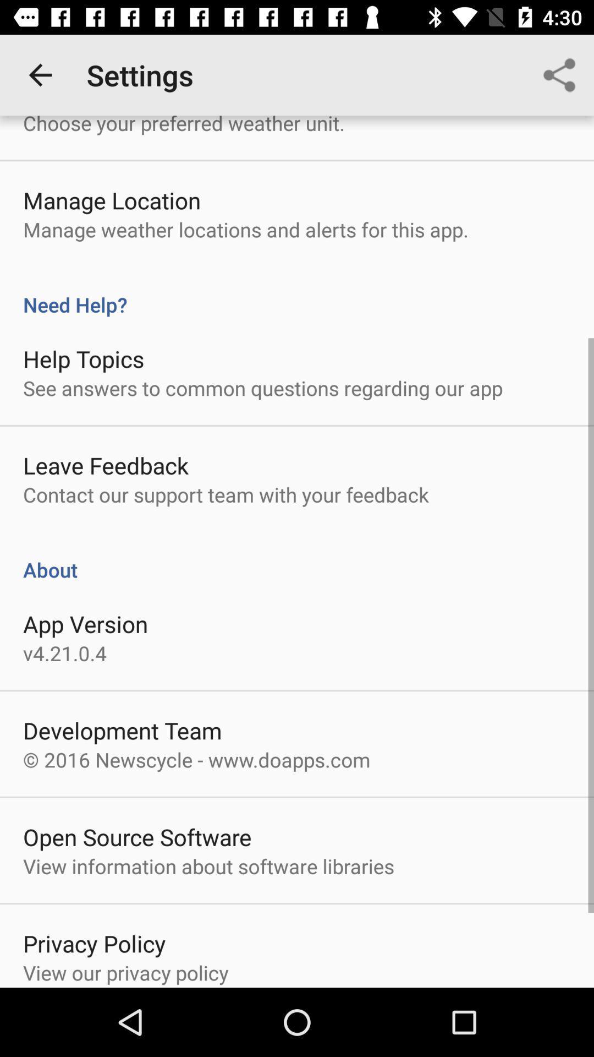 This screenshot has height=1057, width=594. Describe the element at coordinates (112, 200) in the screenshot. I see `item below the choose your preferred icon` at that location.